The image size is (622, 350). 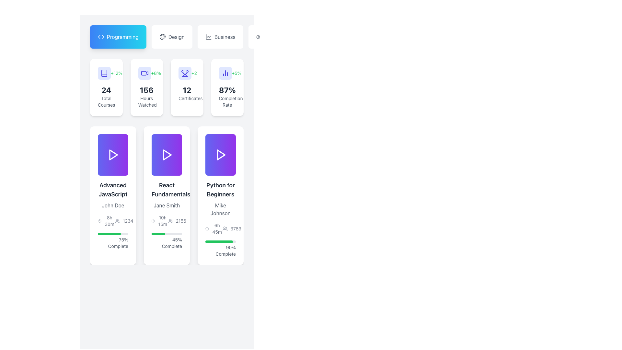 What do you see at coordinates (167, 221) in the screenshot?
I see `the numerical details displayed in the informational area of the 'React Fundamentals' card, which shows '10h 15m' and '2156'` at bounding box center [167, 221].